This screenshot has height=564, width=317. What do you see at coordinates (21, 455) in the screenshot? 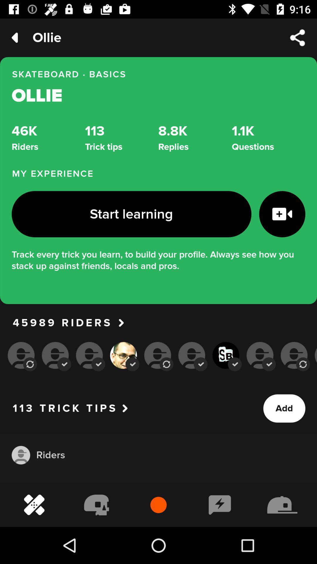
I see `the avatar icon` at bounding box center [21, 455].